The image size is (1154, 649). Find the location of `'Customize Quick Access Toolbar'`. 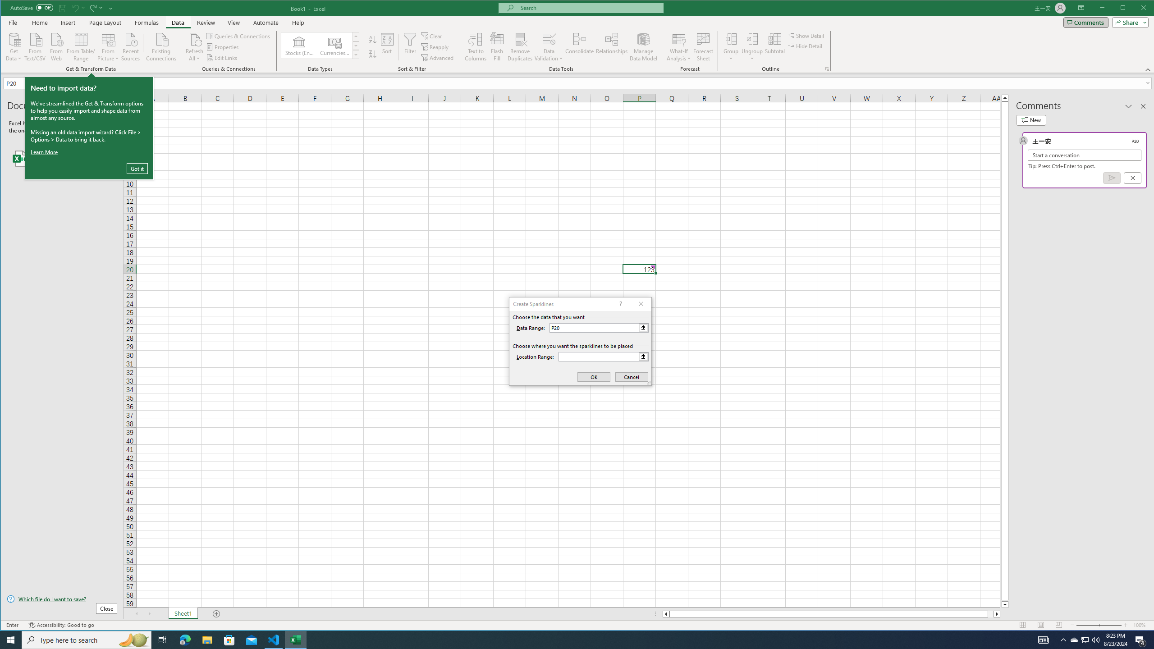

'Customize Quick Access Toolbar' is located at coordinates (111, 7).